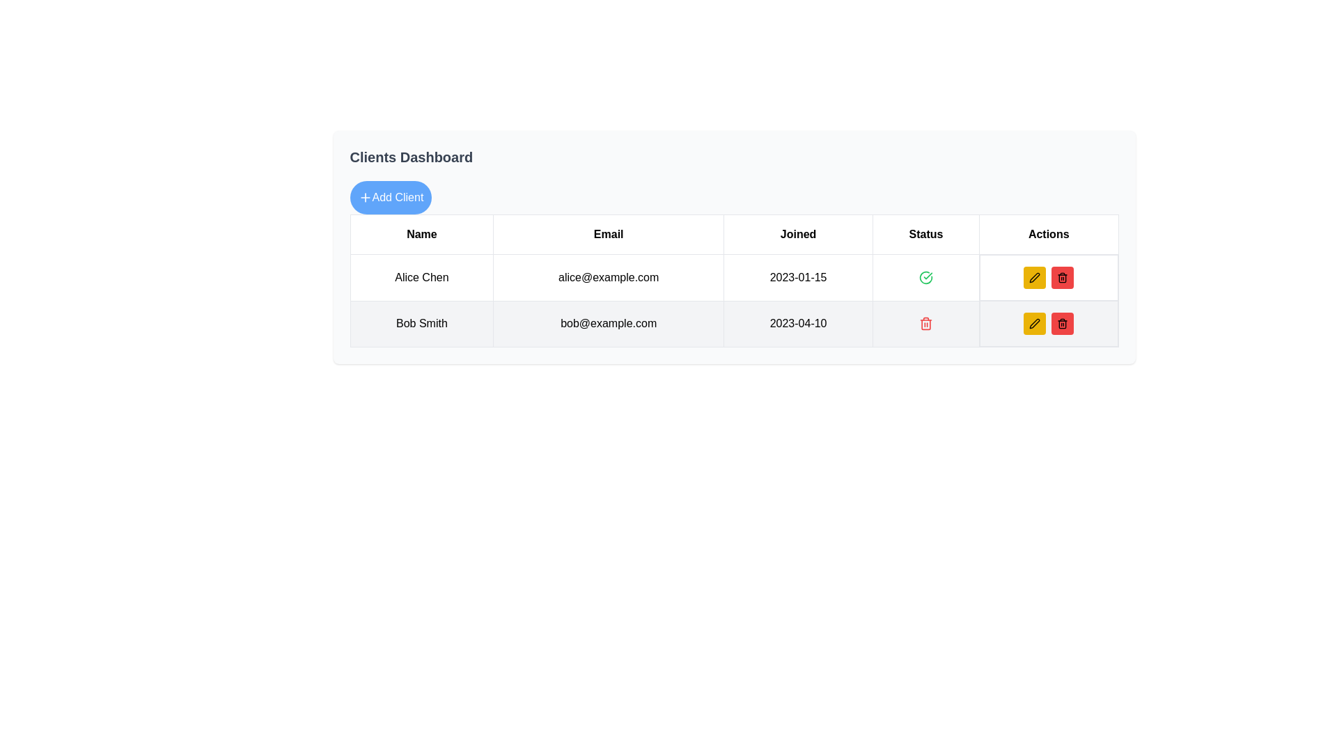 This screenshot has width=1337, height=752. I want to click on the 'Clients Dashboard' header text label that indicates the current section of the page, positioned above the '+ Add Client' button, so click(410, 157).